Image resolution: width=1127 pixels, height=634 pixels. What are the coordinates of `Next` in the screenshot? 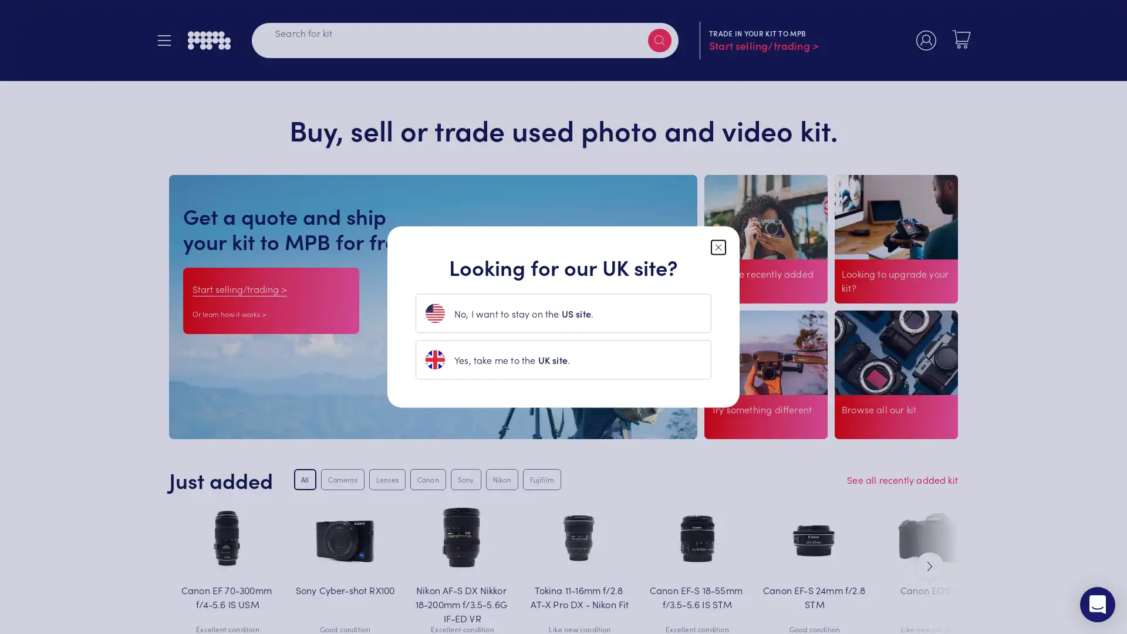 It's located at (929, 565).